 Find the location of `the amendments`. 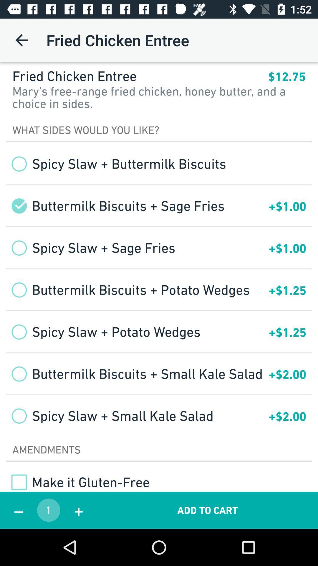

the amendments is located at coordinates (159, 449).